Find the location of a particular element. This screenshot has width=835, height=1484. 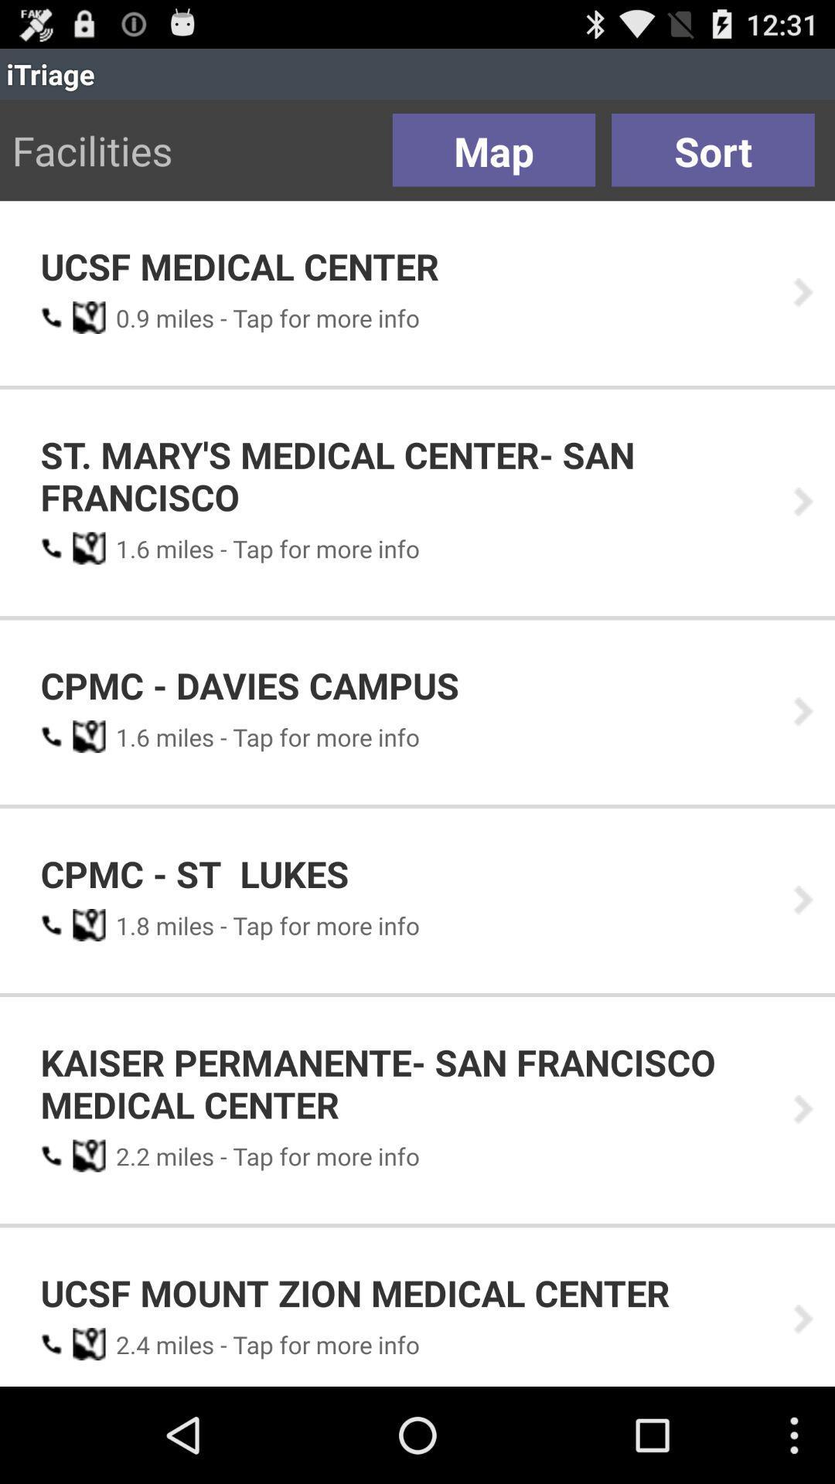

app to the left of the miles tap for app is located at coordinates (127, 317).